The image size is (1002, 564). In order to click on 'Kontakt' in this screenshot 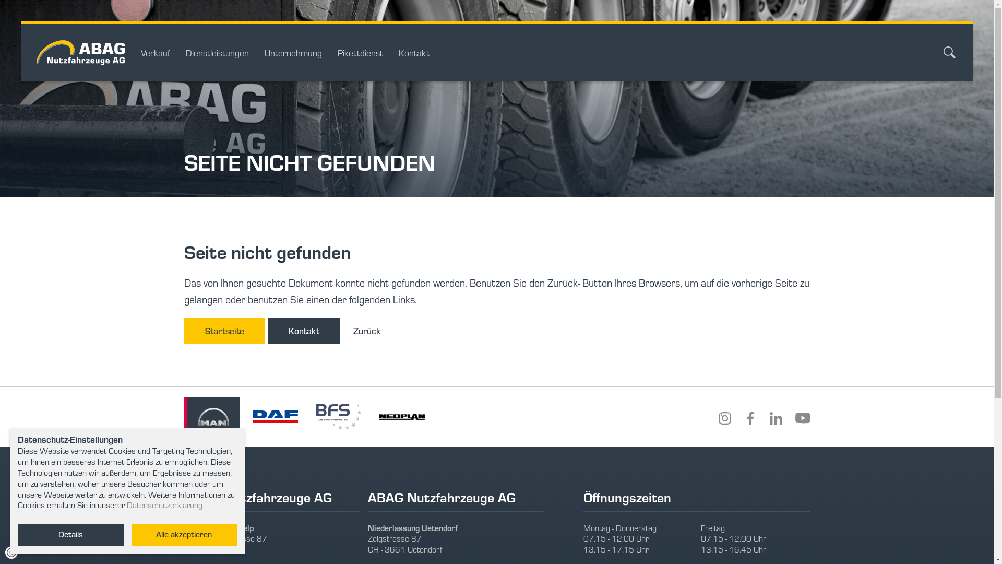, I will do `click(413, 52)`.